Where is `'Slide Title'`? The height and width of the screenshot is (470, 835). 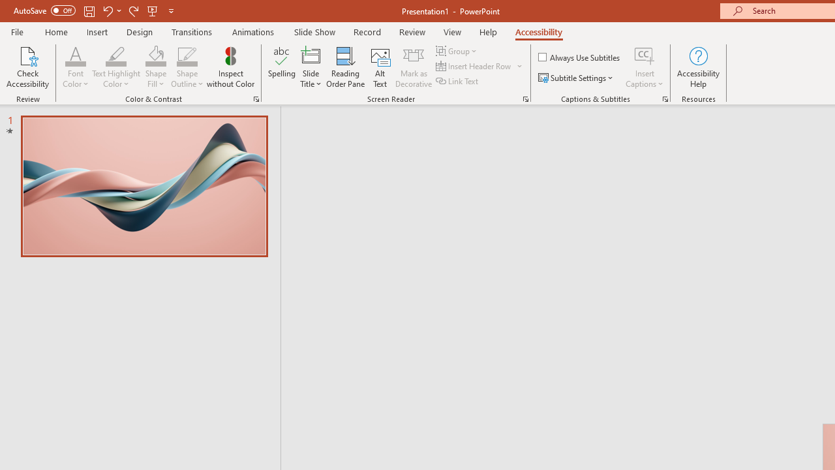
'Slide Title' is located at coordinates (310, 67).